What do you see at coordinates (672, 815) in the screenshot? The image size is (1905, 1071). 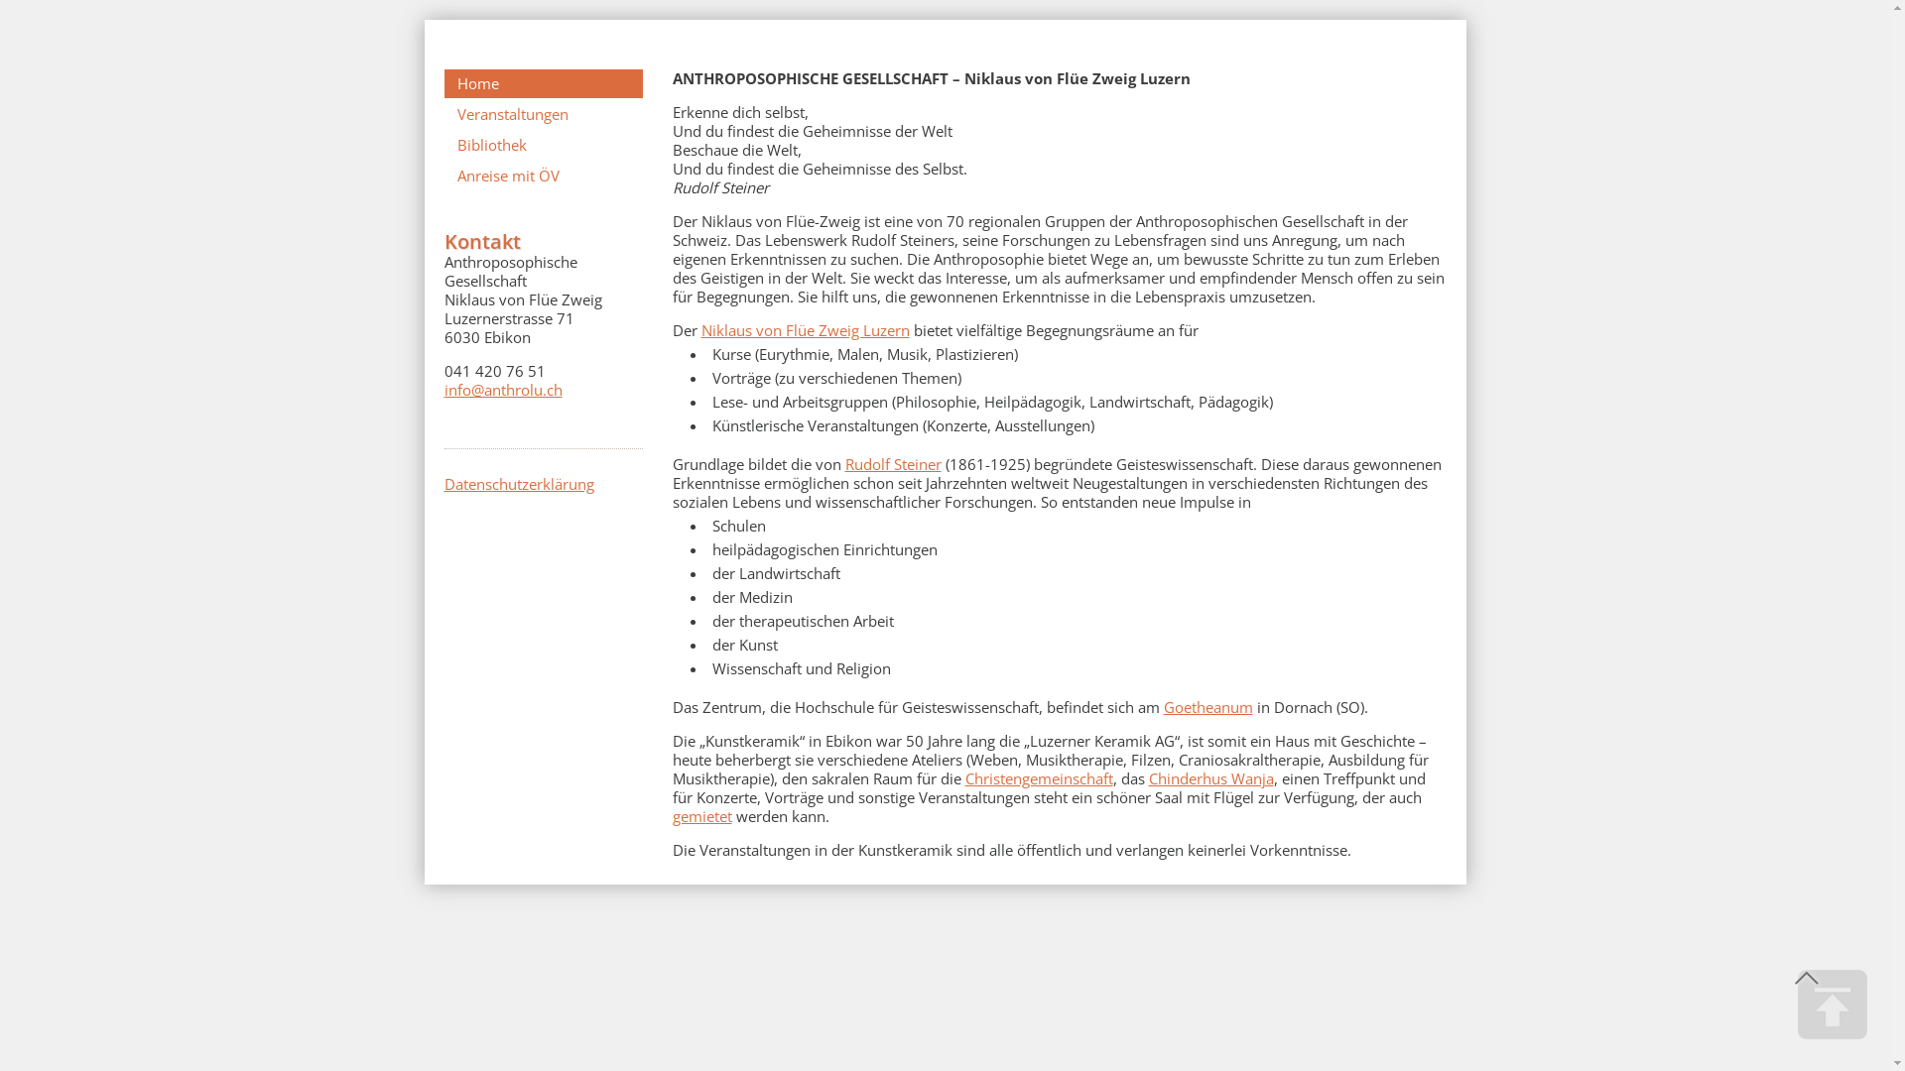 I see `'gemietet'` at bounding box center [672, 815].